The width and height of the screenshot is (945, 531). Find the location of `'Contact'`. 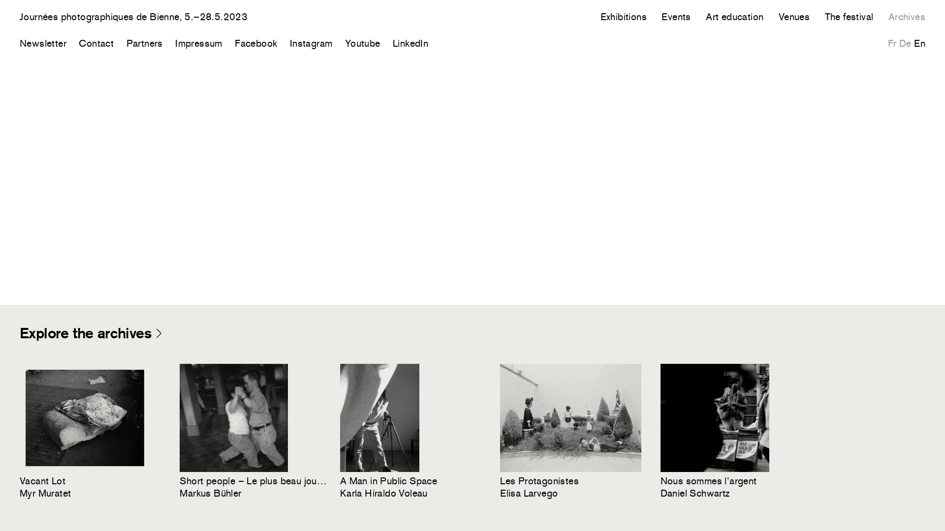

'Contact' is located at coordinates (78, 43).